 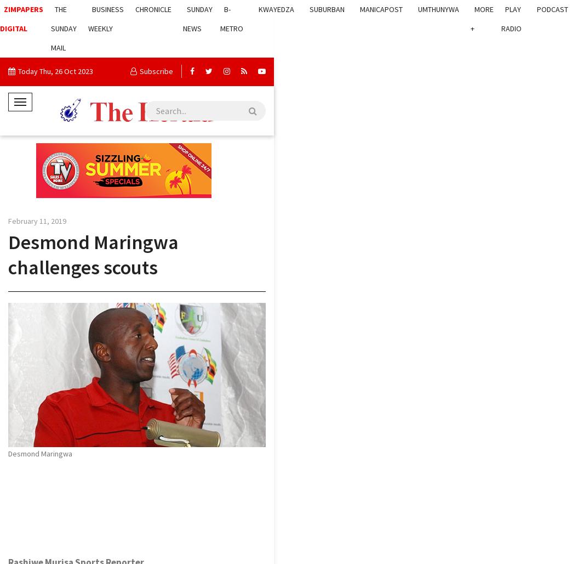 I want to click on 'Today Thu, 26 Oct 2023', so click(x=55, y=71).